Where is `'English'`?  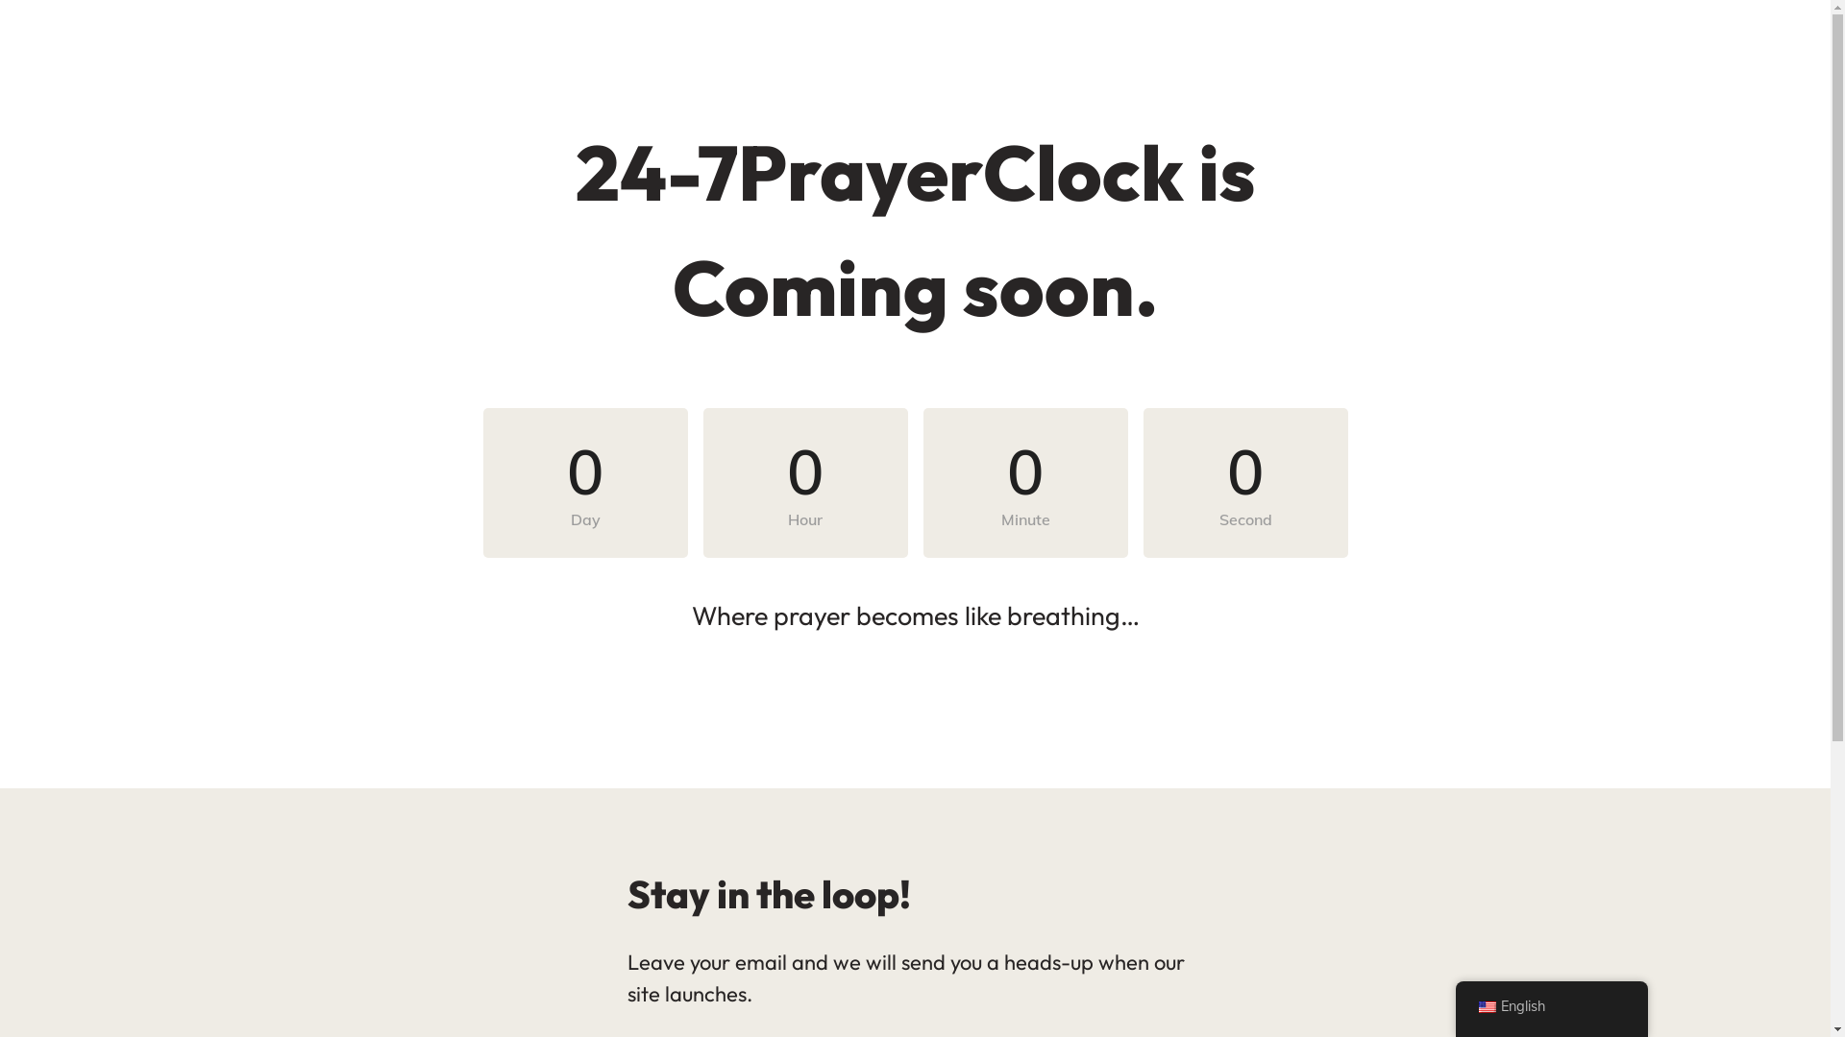
'English' is located at coordinates (1550, 1006).